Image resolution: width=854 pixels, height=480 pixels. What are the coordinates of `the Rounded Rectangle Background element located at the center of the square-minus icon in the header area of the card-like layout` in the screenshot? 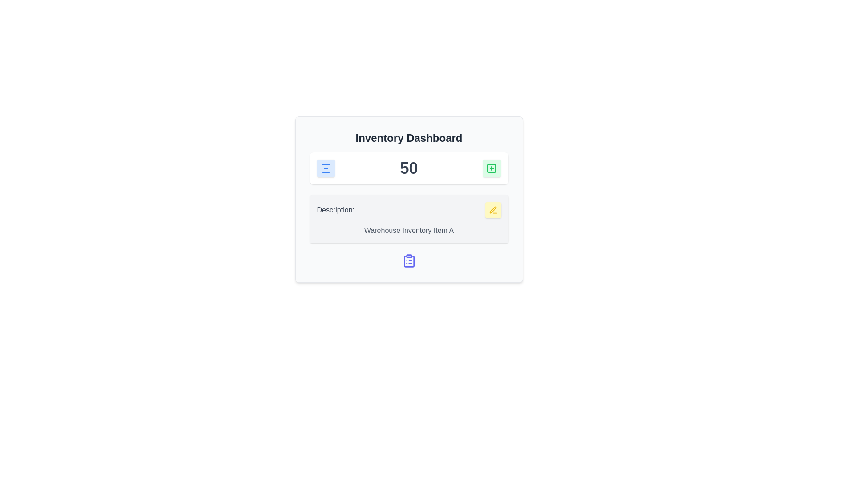 It's located at (325, 168).